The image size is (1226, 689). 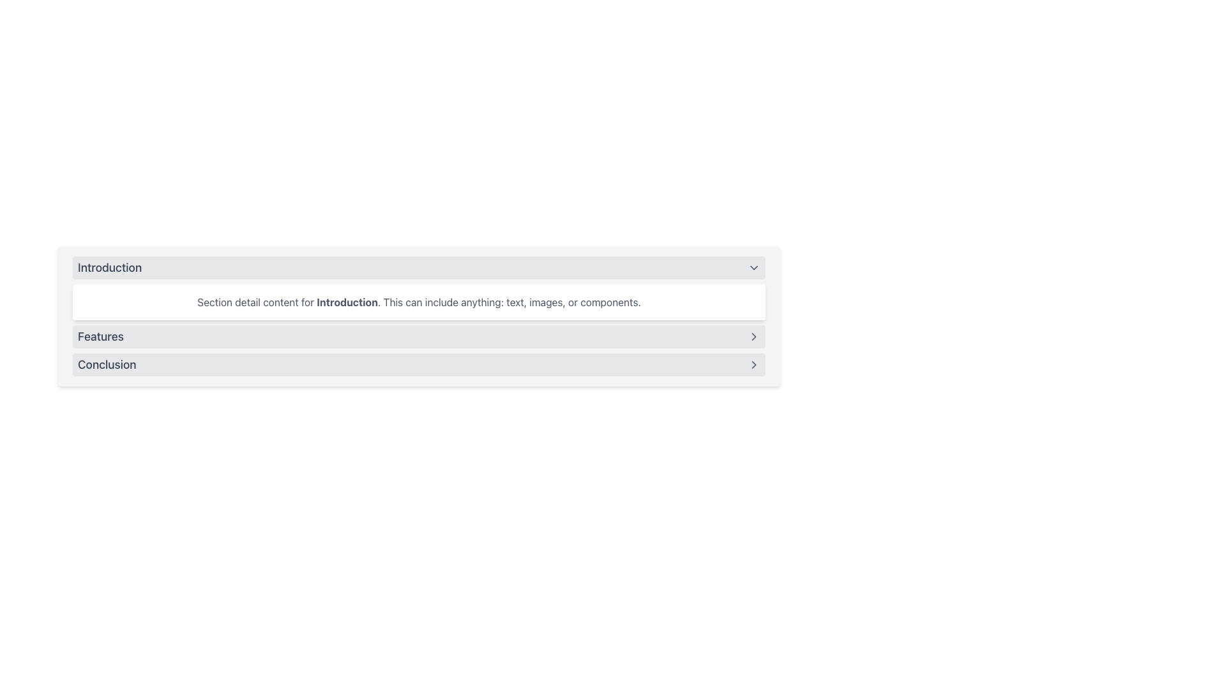 What do you see at coordinates (753, 336) in the screenshot?
I see `the Chevron Icon located in the Features section, positioned to the far right adjacent to the text 'Features'` at bounding box center [753, 336].